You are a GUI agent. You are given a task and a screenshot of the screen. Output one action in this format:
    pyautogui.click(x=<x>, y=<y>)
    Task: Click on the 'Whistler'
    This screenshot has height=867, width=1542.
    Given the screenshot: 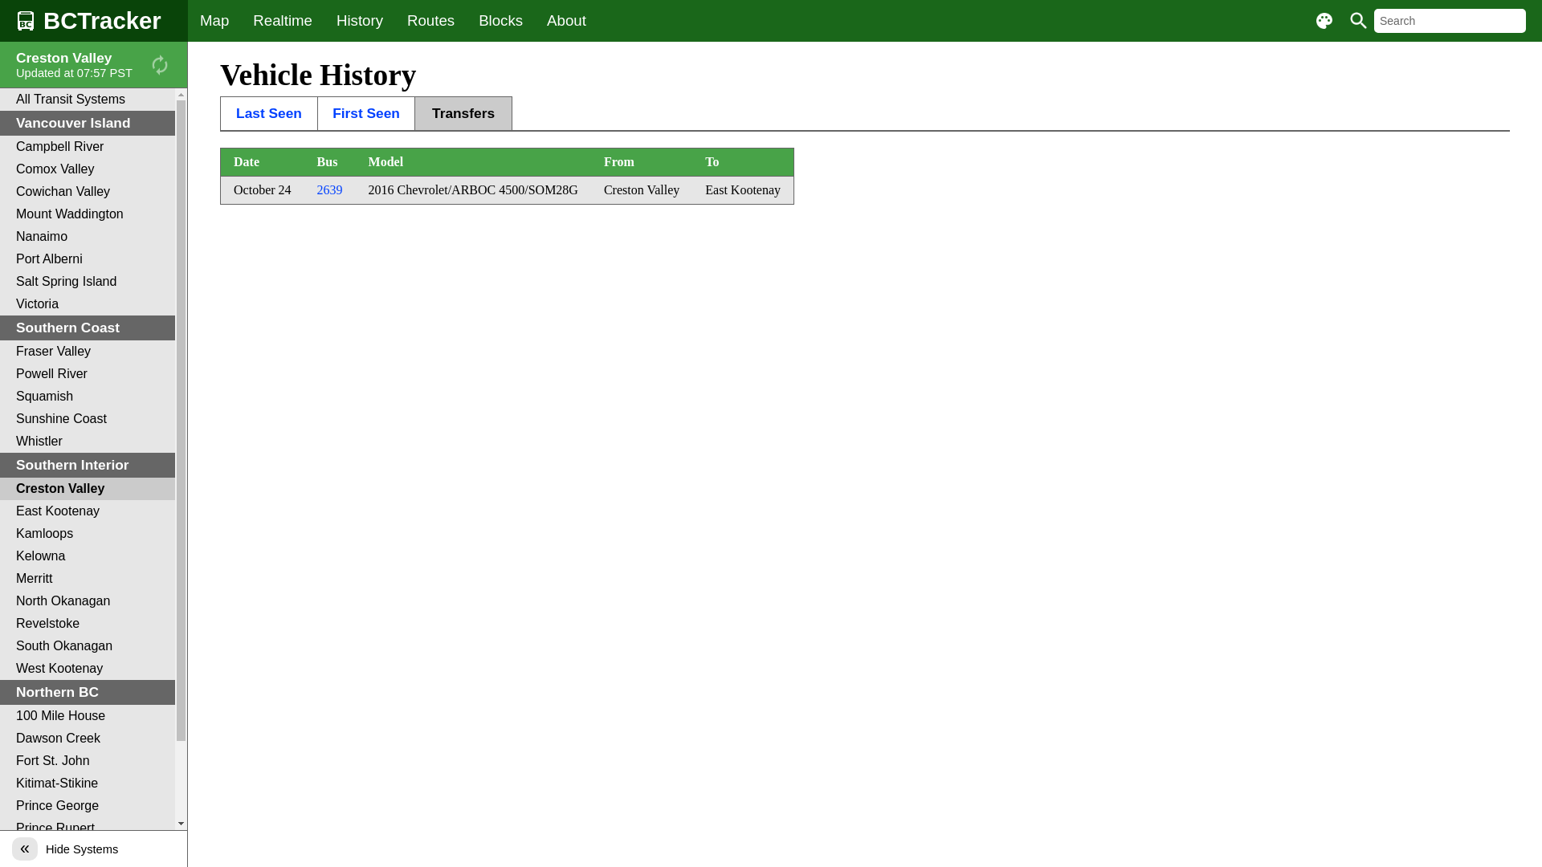 What is the action you would take?
    pyautogui.click(x=87, y=442)
    